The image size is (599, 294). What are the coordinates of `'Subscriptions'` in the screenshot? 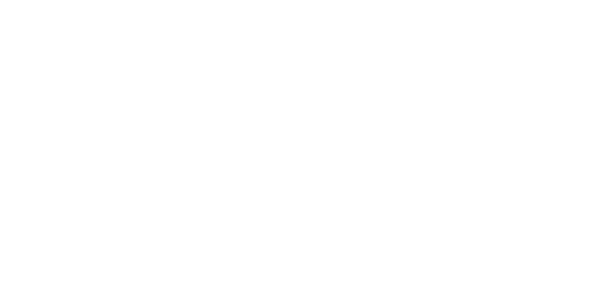 It's located at (408, 228).